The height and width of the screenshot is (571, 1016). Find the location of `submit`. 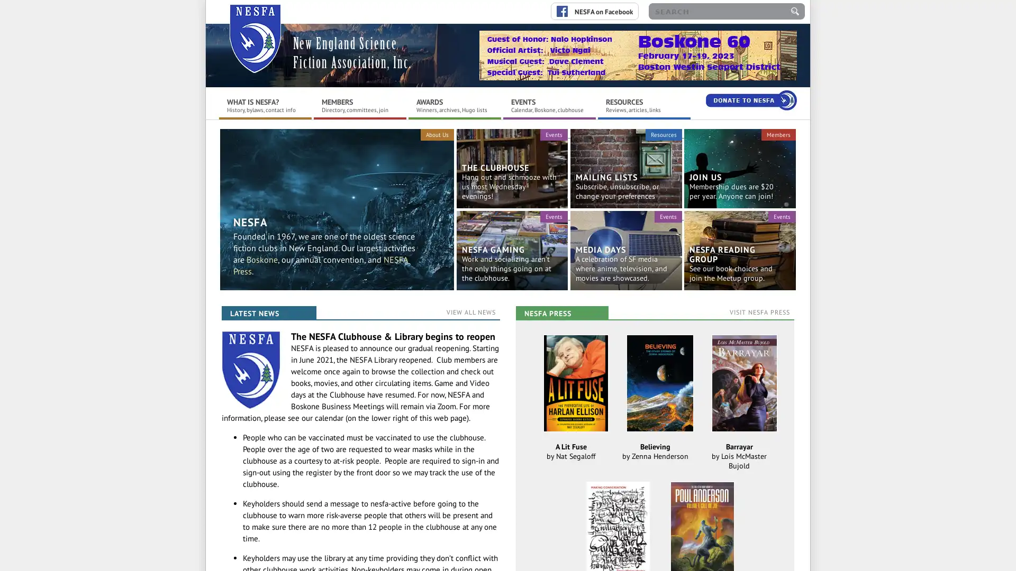

submit is located at coordinates (795, 11).